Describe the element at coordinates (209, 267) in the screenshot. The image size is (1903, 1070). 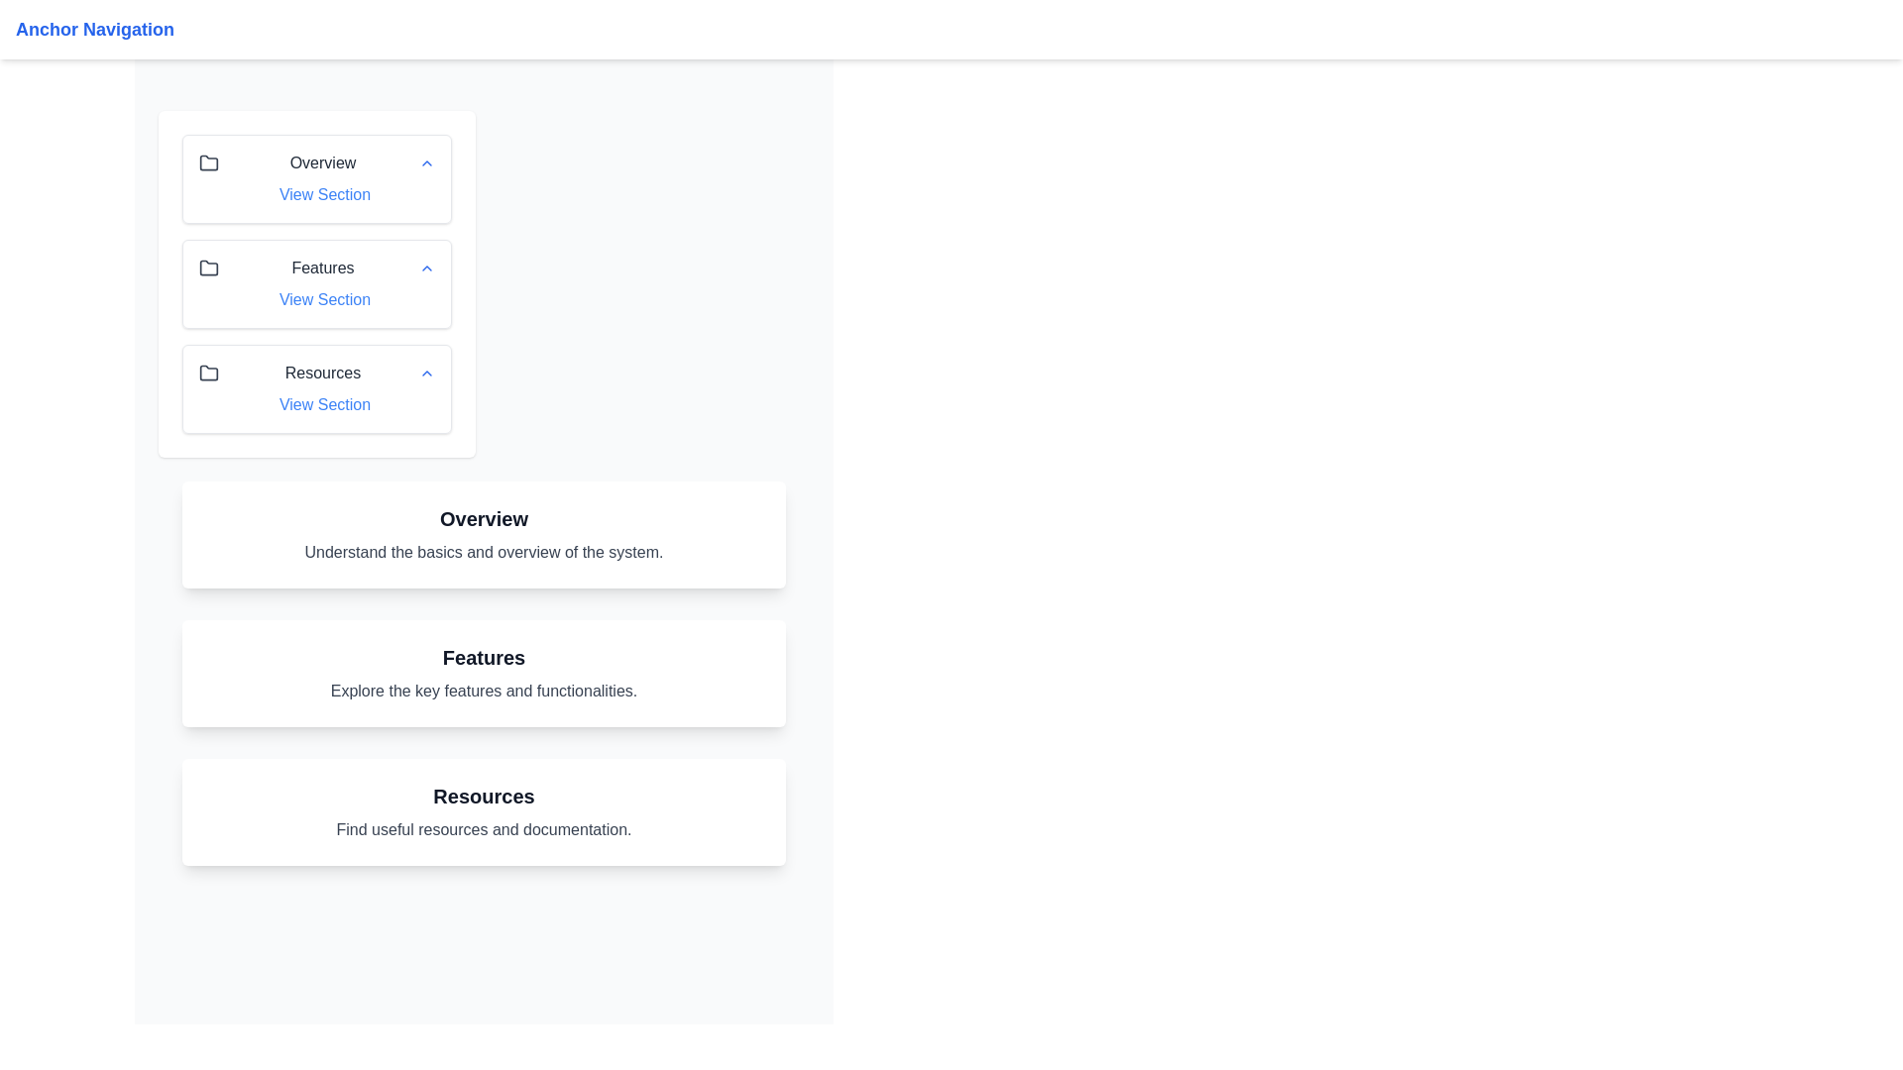
I see `the folder icon located near the 'Features' section label, which is the first icon in a vertically aligned list of navigation items` at that location.